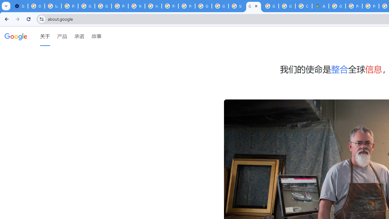 The image size is (389, 219). I want to click on 'Privacy Help Center - Policies Help', so click(354, 6).